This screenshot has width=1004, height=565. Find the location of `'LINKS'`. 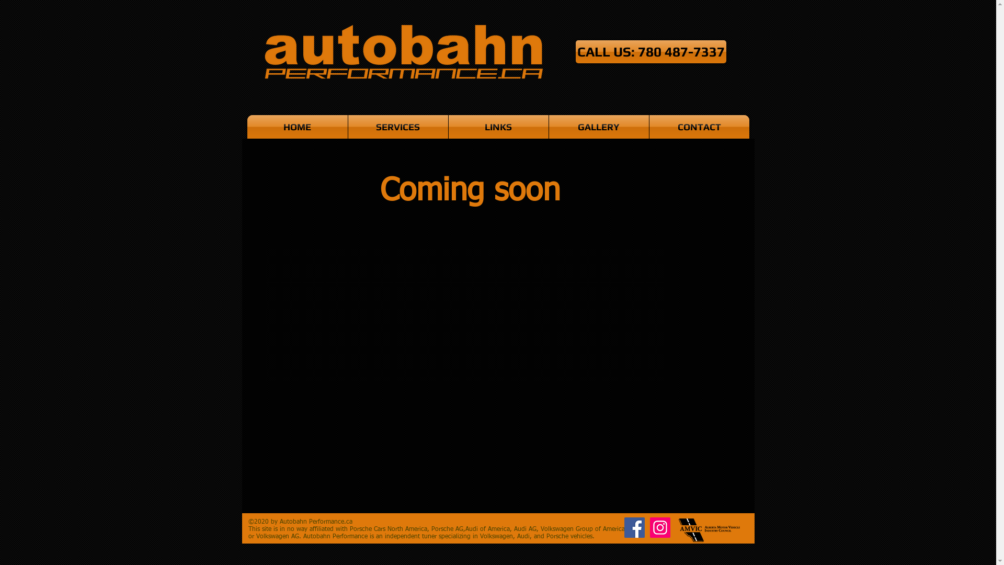

'LINKS' is located at coordinates (498, 126).